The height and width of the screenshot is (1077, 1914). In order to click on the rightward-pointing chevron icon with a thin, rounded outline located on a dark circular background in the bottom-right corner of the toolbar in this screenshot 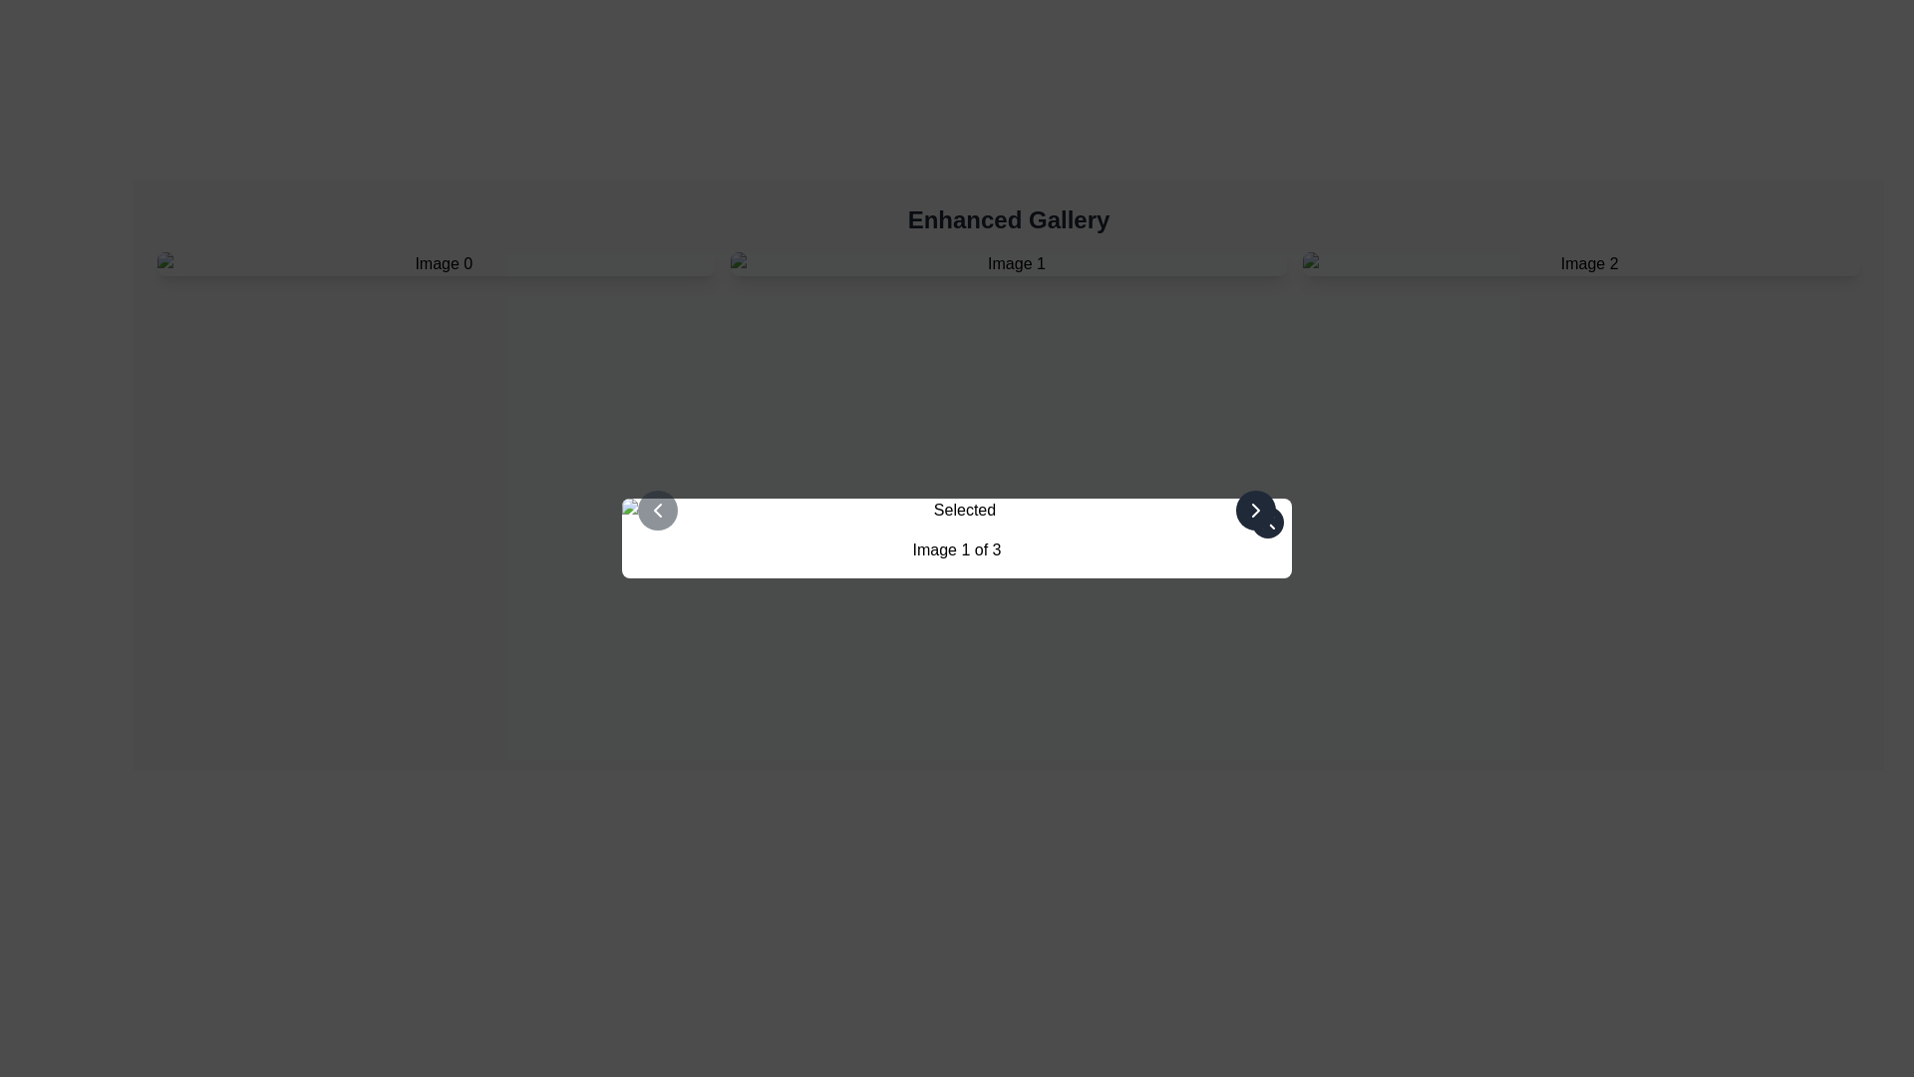, I will do `click(1254, 510)`.